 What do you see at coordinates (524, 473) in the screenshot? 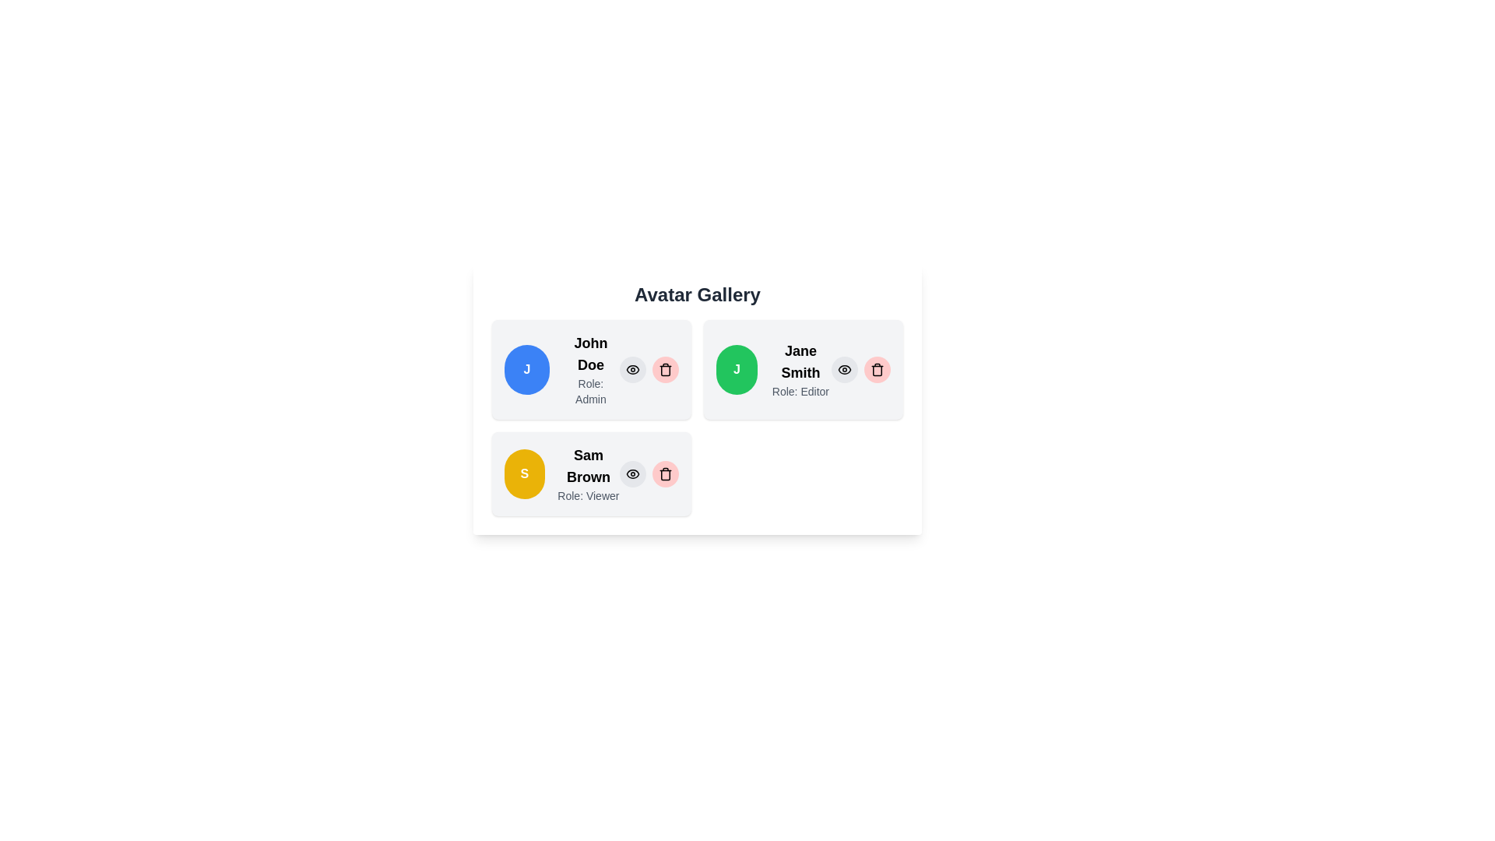
I see `the avatar element representing 'Sam Brown', which features an initial 'S' on a yellow background, located within the card-like panel in the bottom-left section of the layout` at bounding box center [524, 473].